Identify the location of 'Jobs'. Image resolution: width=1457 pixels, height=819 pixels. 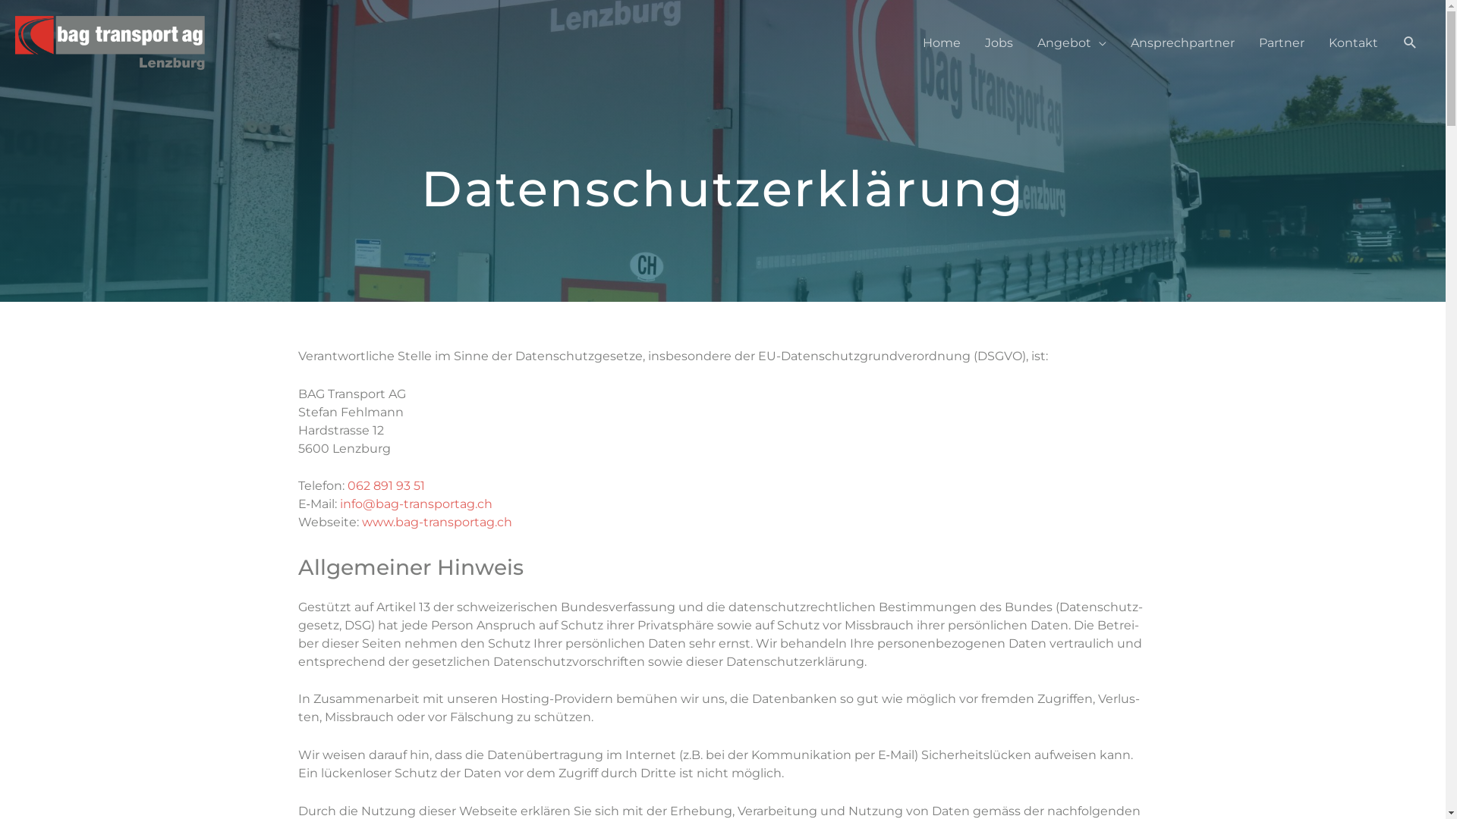
(999, 42).